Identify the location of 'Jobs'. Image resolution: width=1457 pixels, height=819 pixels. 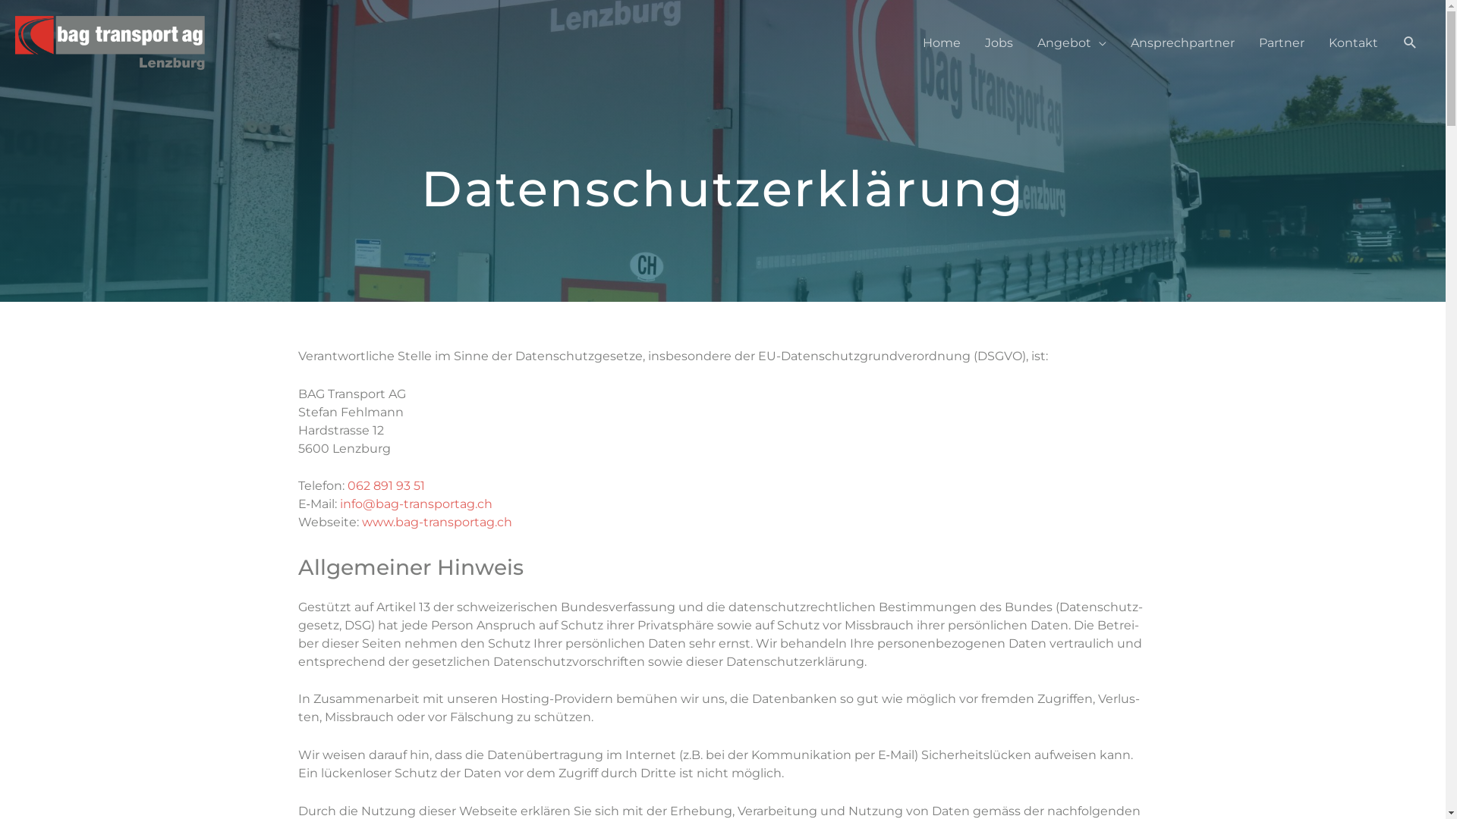
(999, 42).